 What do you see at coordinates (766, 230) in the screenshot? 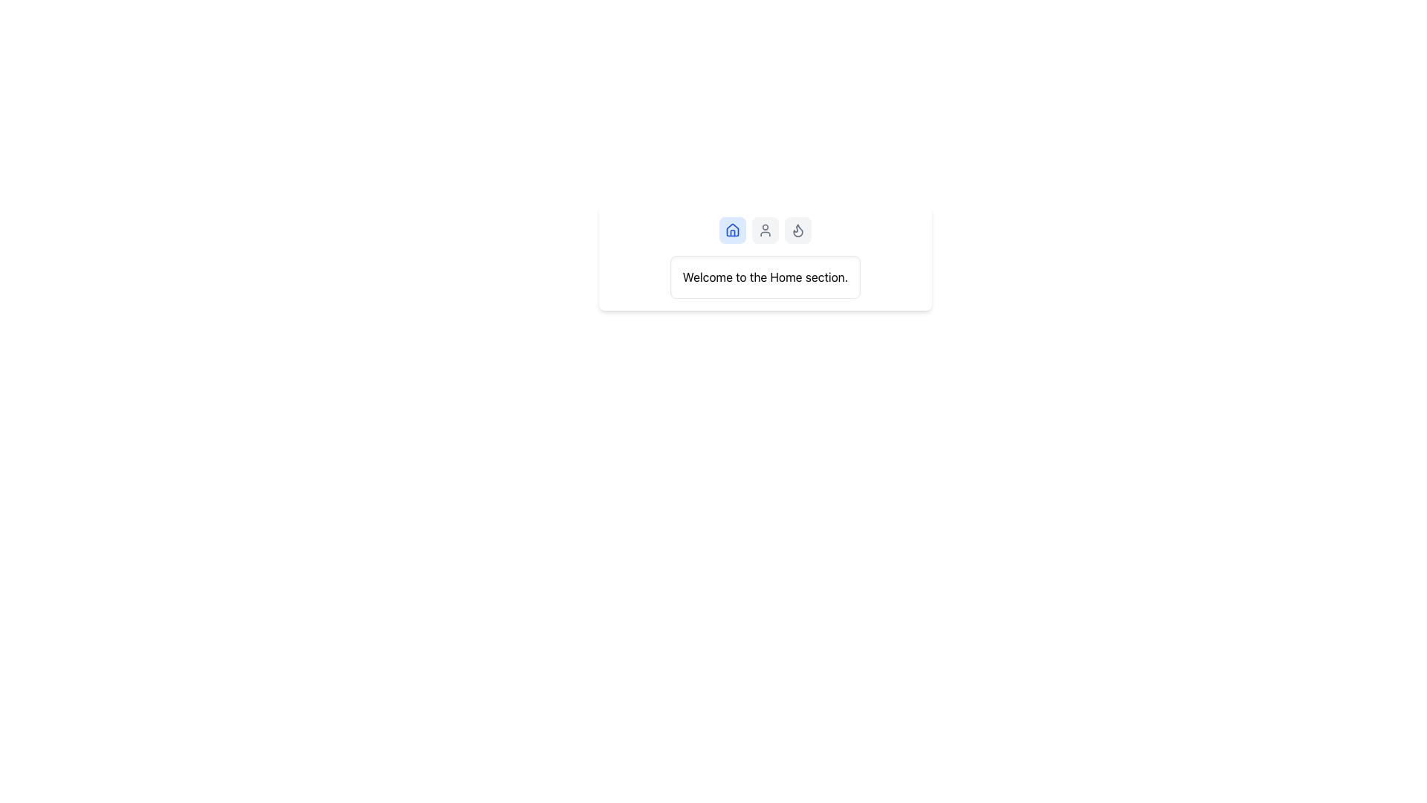
I see `the second button in a row of three buttons, which is represented by a user icon at its center` at bounding box center [766, 230].